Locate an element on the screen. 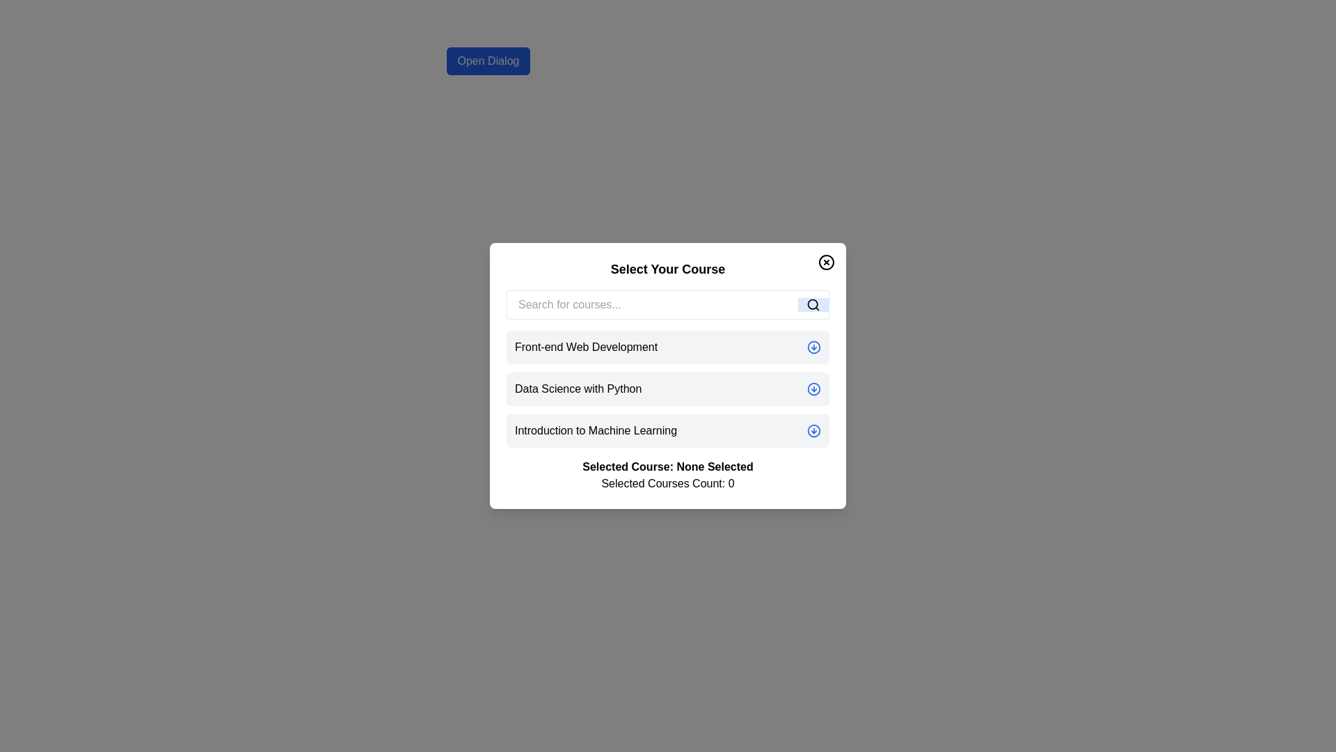 The height and width of the screenshot is (752, 1336). the circular button with a downward arrow icon in the 'Front-end Web Development' section is located at coordinates (814, 346).